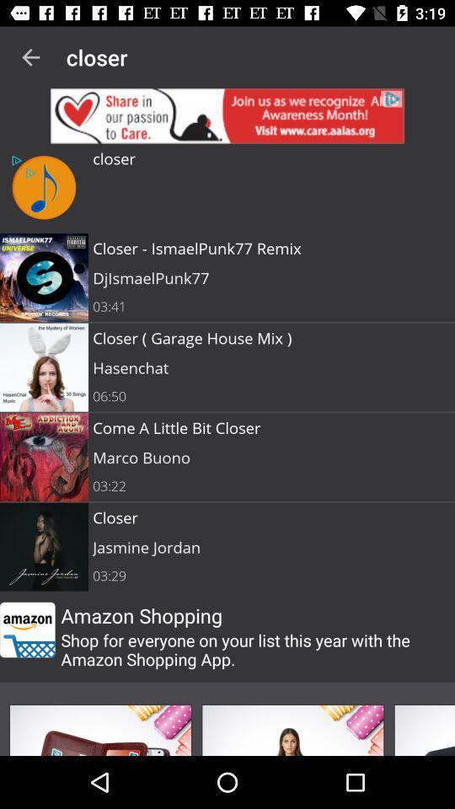 This screenshot has height=809, width=455. I want to click on open photo, so click(292, 729).